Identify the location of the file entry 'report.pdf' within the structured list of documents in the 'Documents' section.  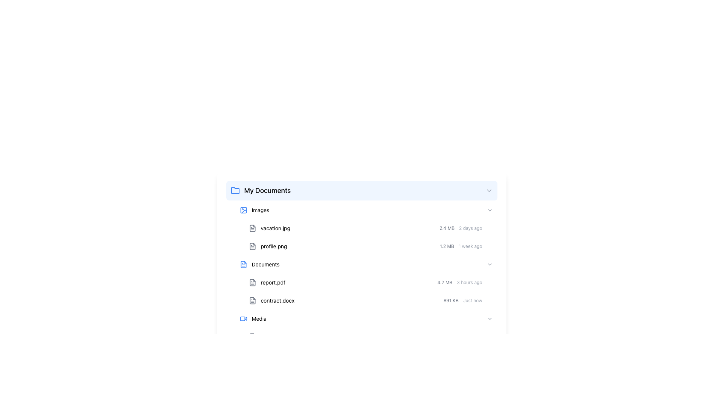
(366, 282).